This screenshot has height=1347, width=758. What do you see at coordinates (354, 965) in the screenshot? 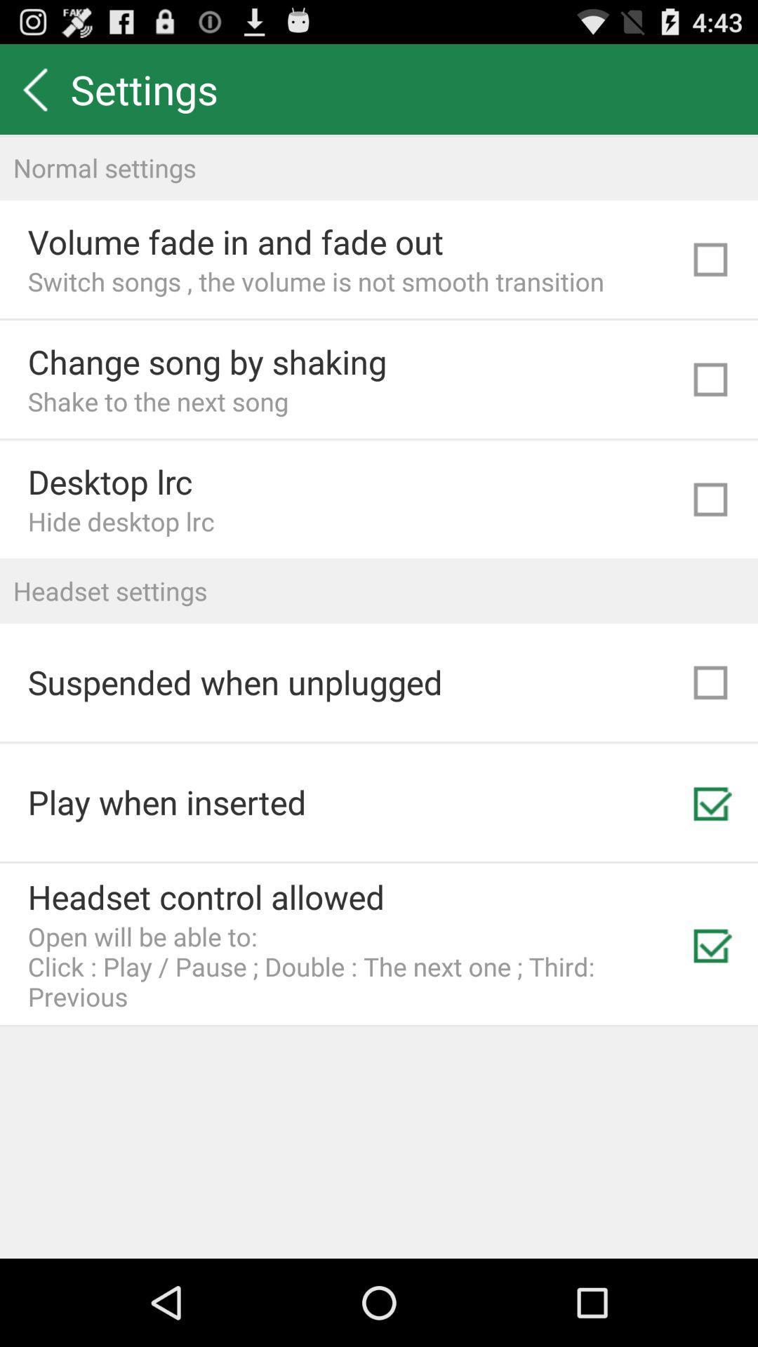
I see `item at the bottom` at bounding box center [354, 965].